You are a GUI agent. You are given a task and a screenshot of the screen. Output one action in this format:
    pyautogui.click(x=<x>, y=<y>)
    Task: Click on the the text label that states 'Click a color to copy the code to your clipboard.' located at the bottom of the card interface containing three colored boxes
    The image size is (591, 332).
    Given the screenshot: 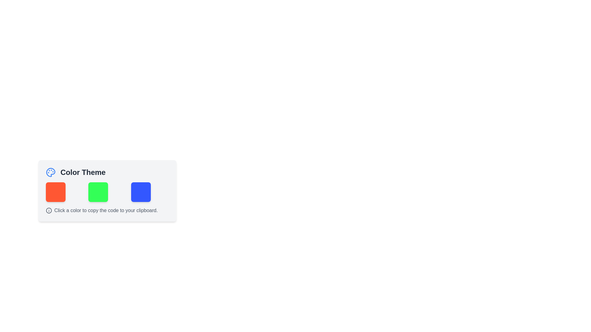 What is the action you would take?
    pyautogui.click(x=106, y=210)
    